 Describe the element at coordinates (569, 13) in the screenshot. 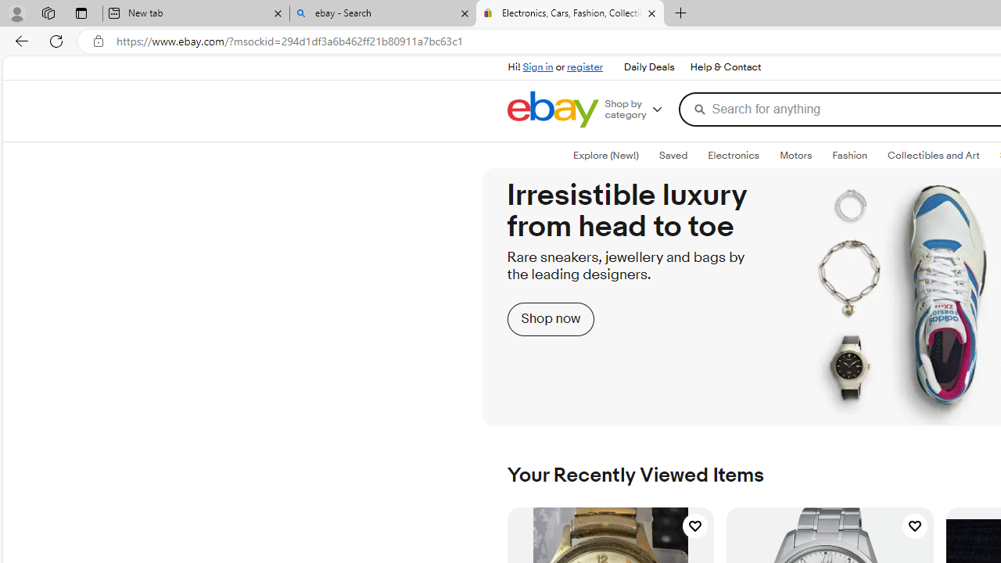

I see `'Electronics, Cars, Fashion, Collectibles & More | eBay'` at that location.